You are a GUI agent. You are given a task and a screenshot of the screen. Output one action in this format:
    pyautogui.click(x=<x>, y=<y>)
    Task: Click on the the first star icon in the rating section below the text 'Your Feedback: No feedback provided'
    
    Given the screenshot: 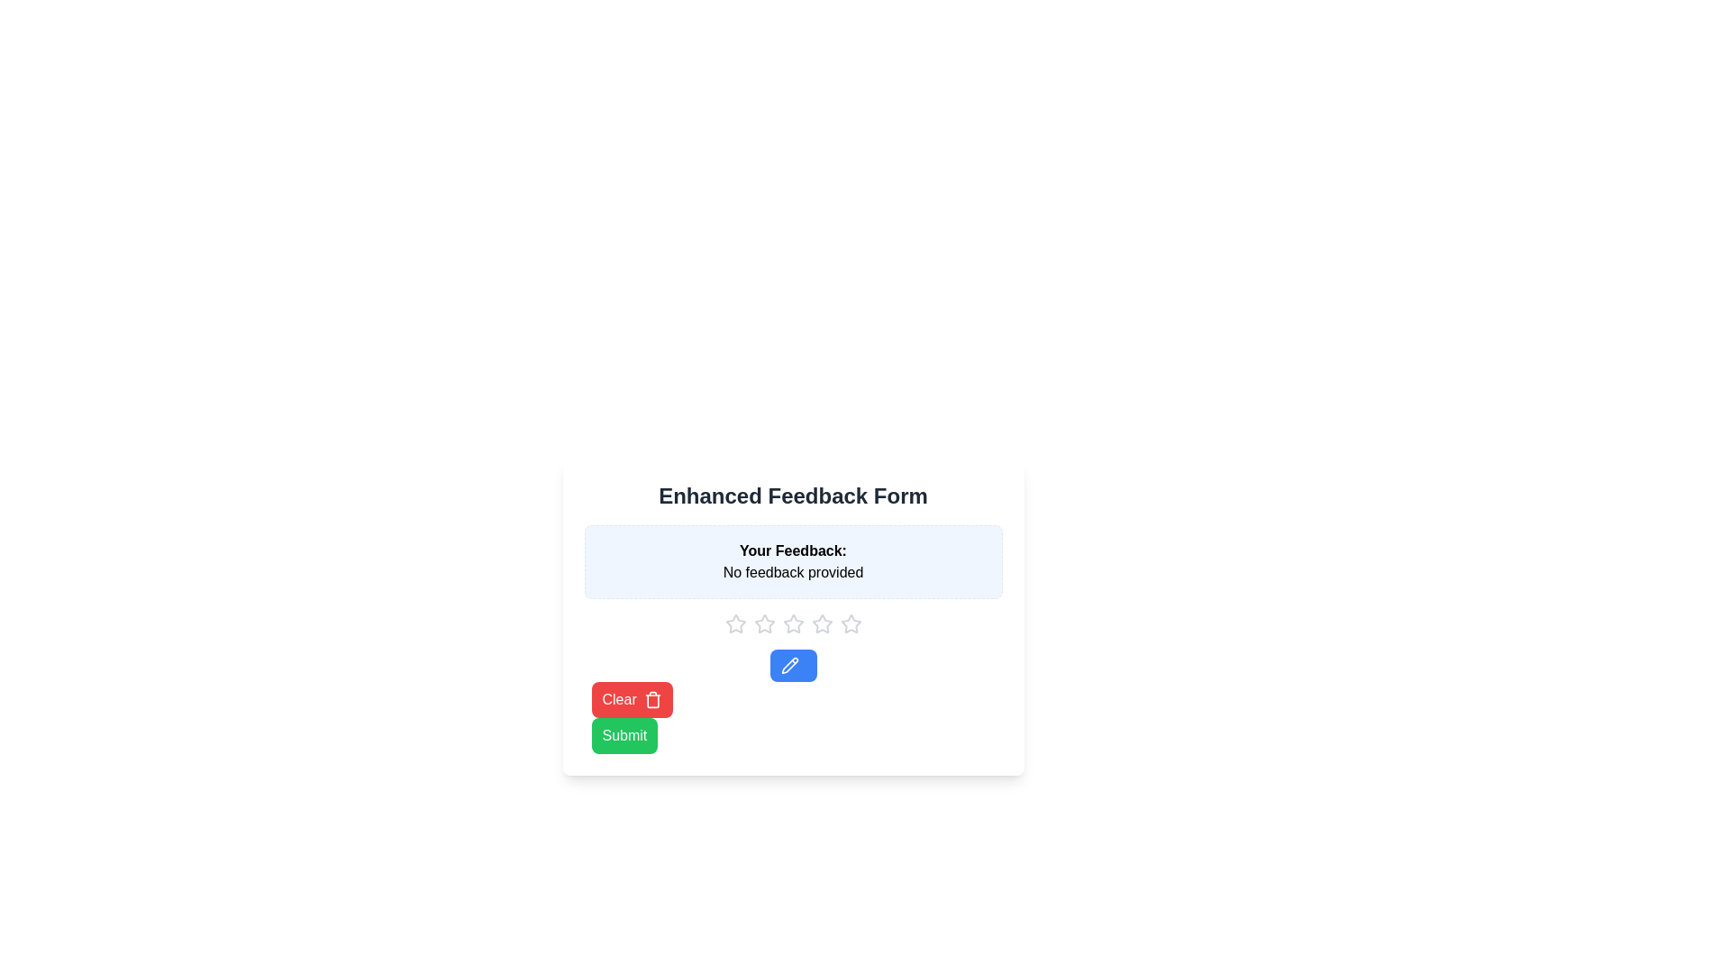 What is the action you would take?
    pyautogui.click(x=735, y=623)
    